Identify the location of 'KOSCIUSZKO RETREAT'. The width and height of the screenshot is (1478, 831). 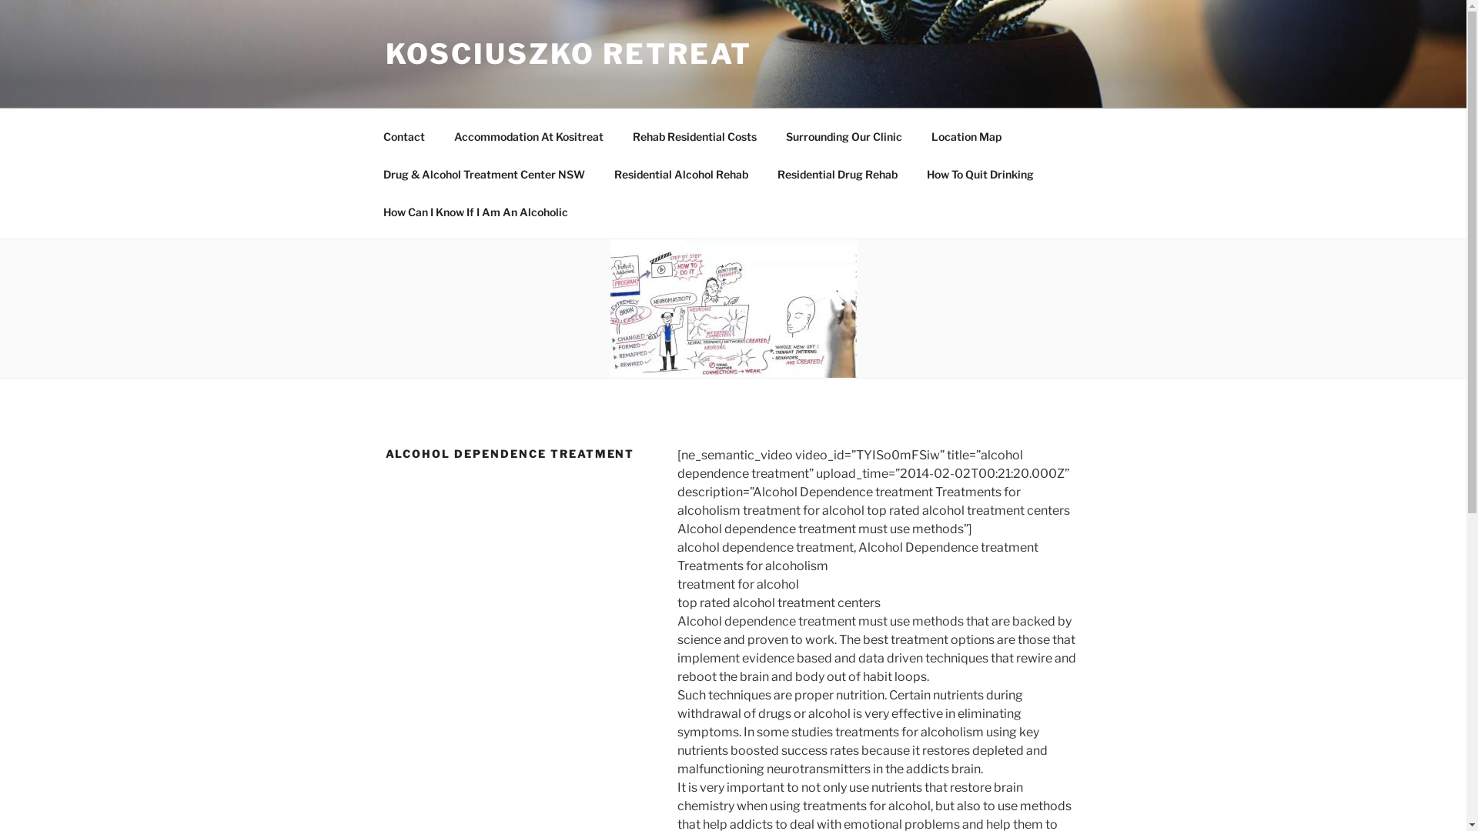
(567, 52).